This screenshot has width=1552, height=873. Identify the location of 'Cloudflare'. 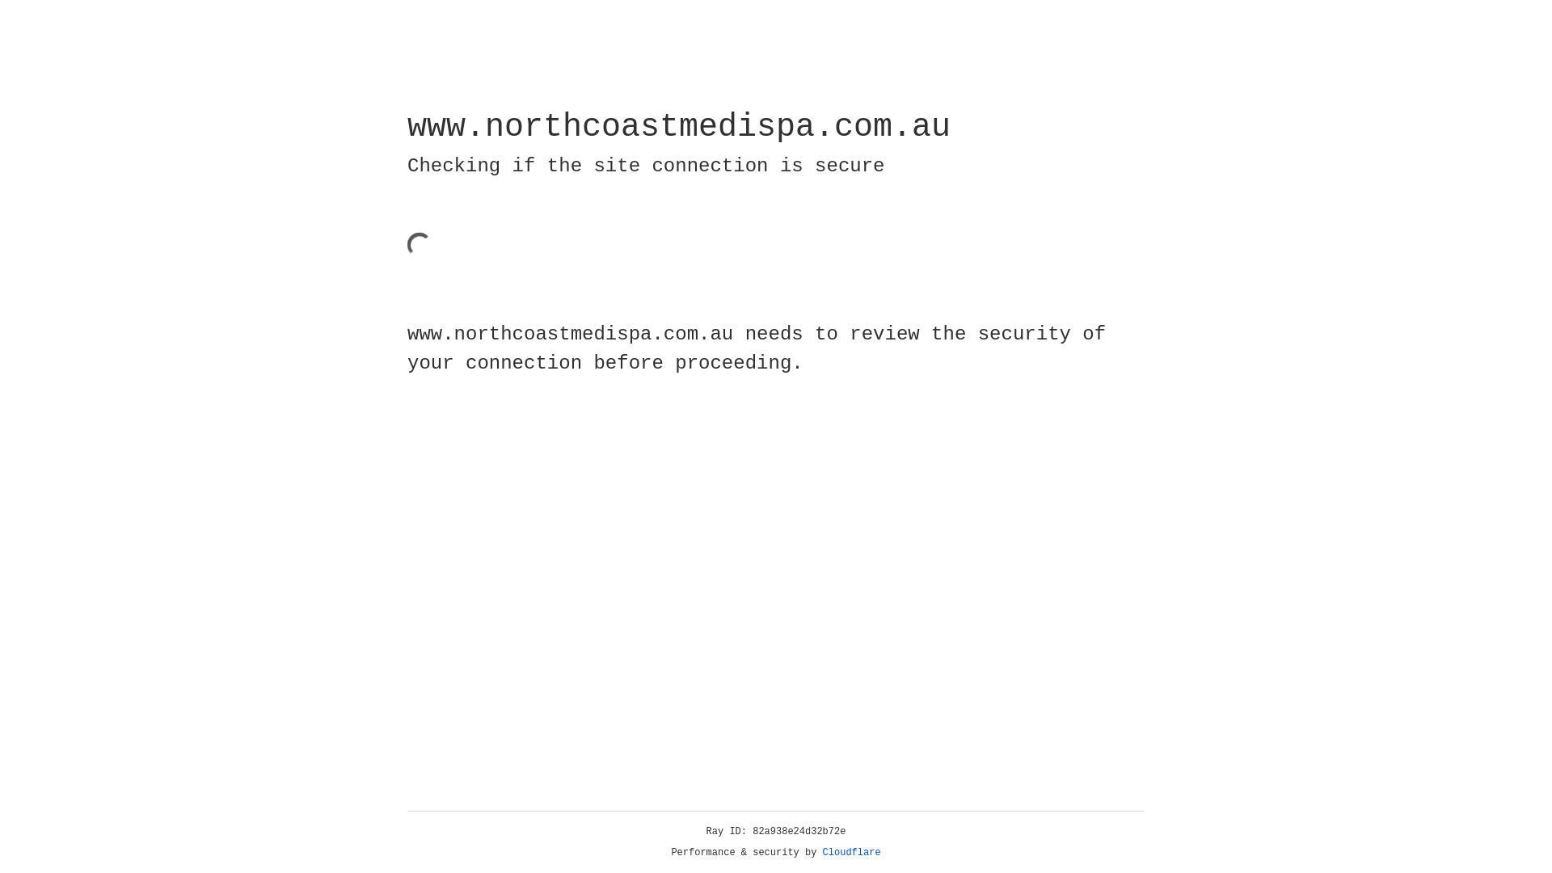
(851, 852).